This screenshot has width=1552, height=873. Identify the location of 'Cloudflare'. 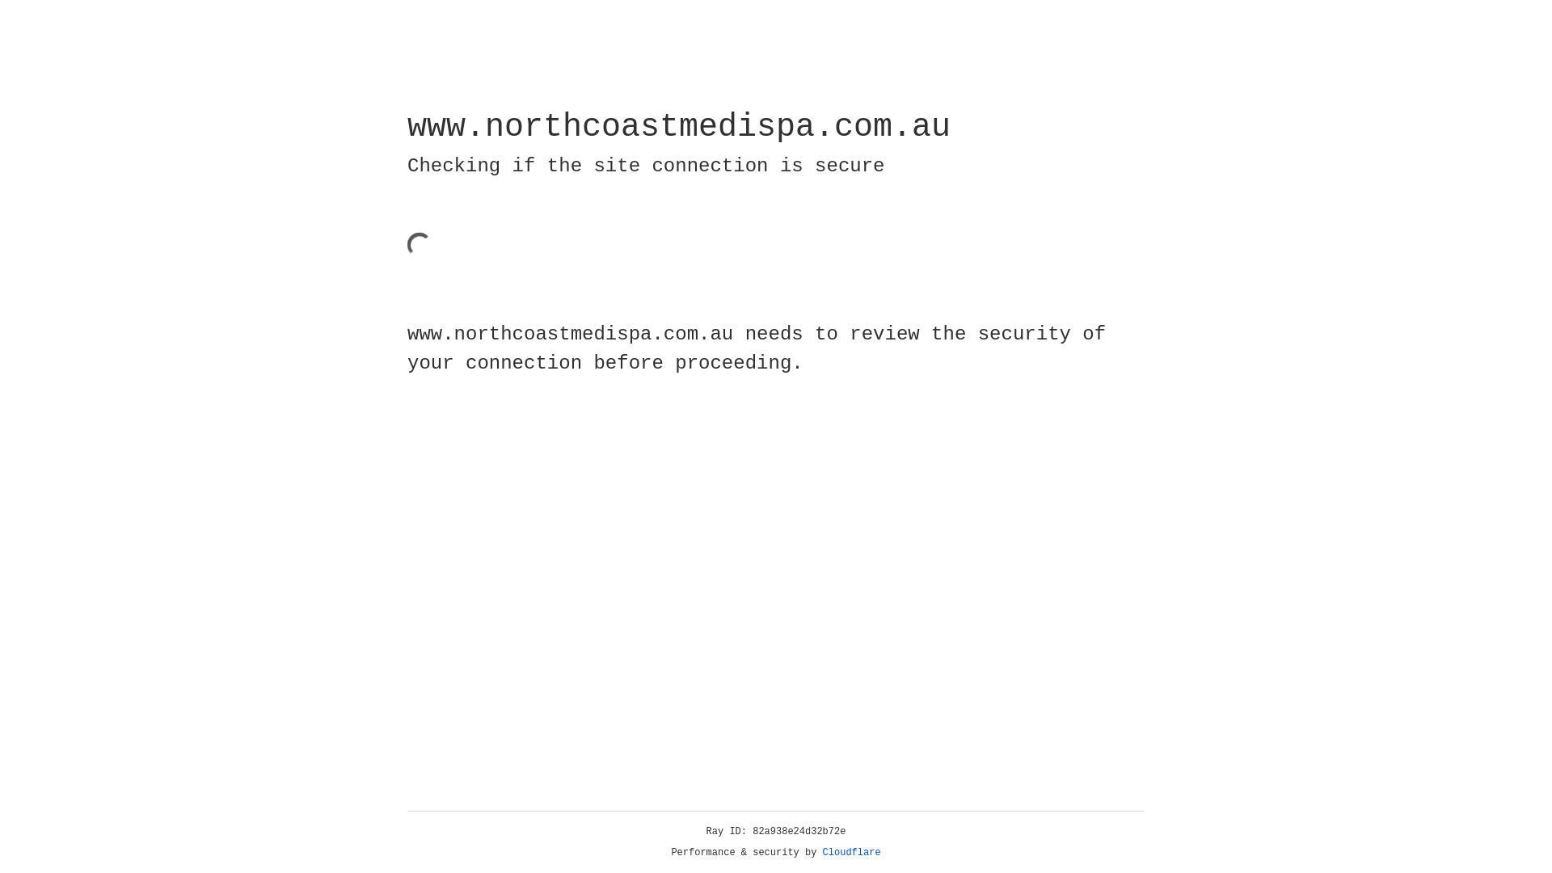
(851, 852).